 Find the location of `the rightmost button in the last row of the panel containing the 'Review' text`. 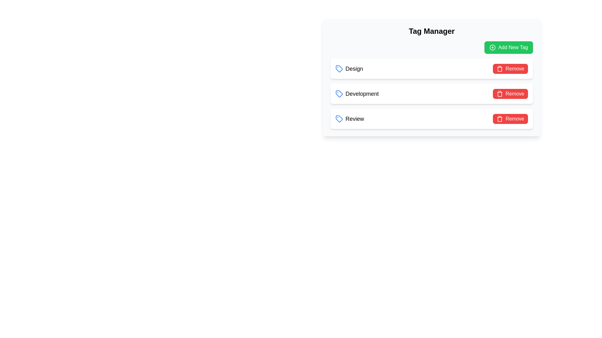

the rightmost button in the last row of the panel containing the 'Review' text is located at coordinates (510, 119).